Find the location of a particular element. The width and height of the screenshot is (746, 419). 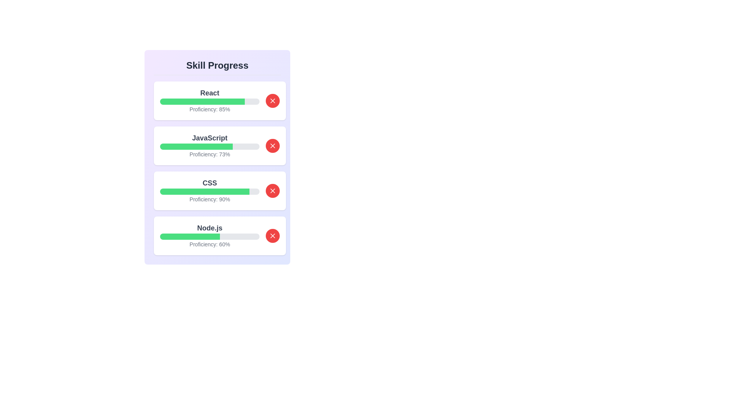

remove button for the skill Node.js is located at coordinates (272, 235).